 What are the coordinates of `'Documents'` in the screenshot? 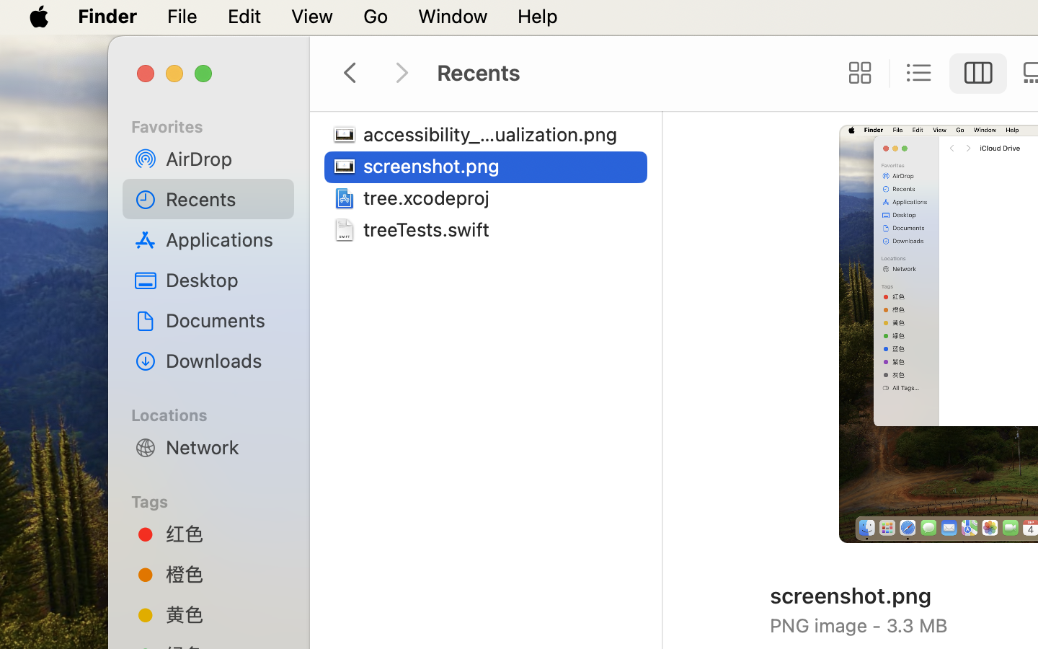 It's located at (224, 319).